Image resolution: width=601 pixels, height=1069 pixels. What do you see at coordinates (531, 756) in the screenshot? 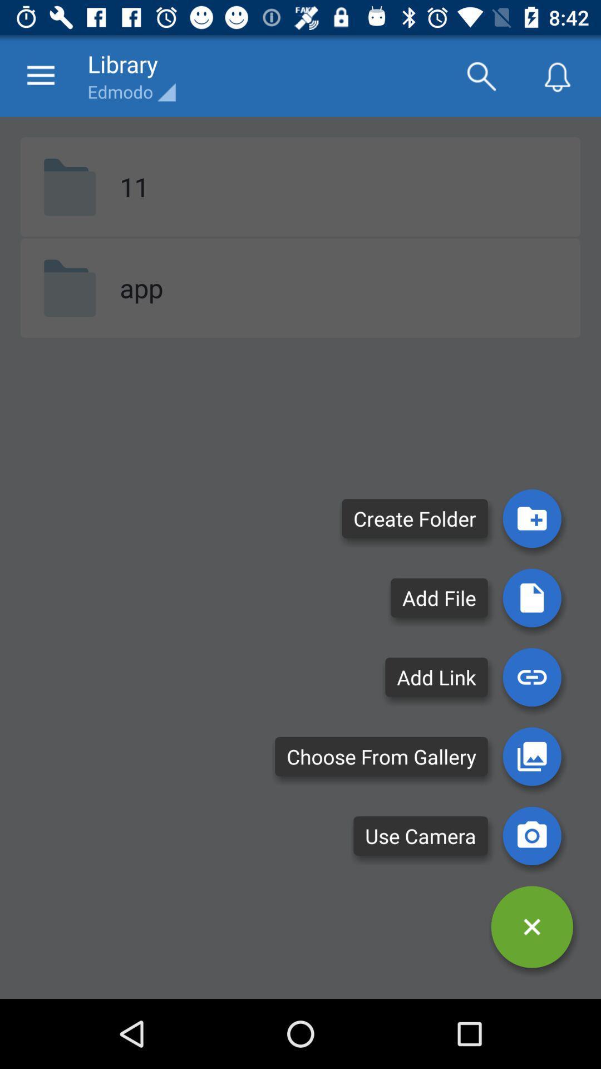
I see `the wallpaper icon` at bounding box center [531, 756].